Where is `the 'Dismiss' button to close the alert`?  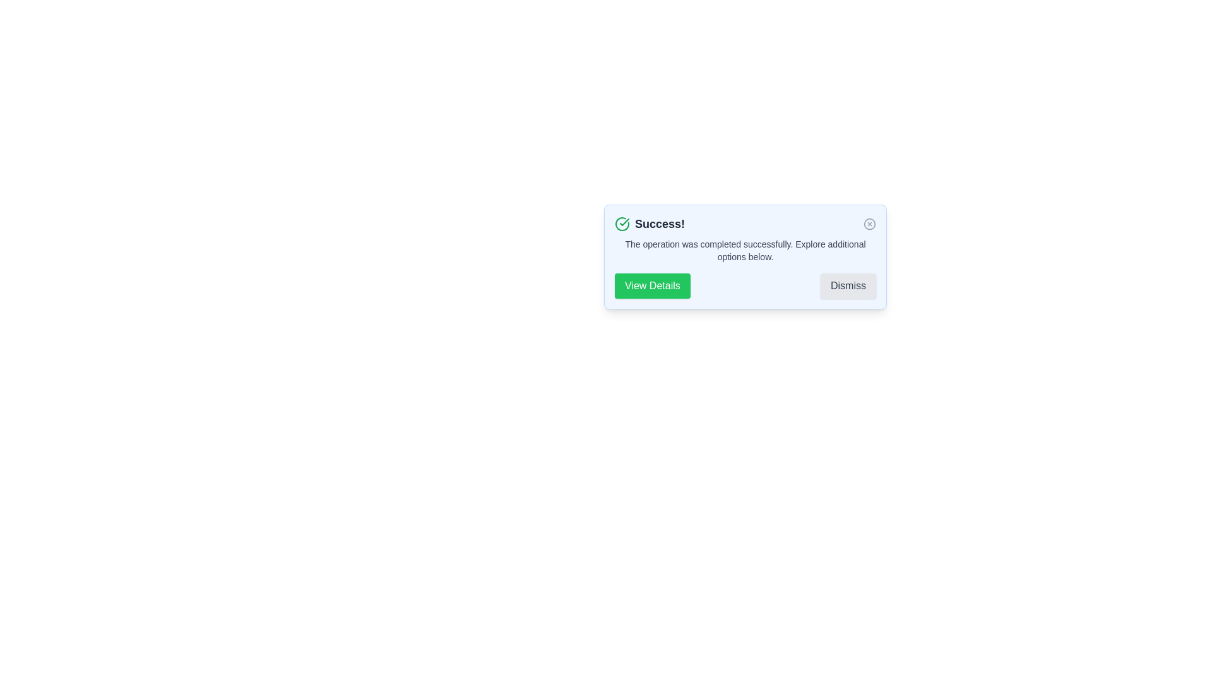
the 'Dismiss' button to close the alert is located at coordinates (848, 285).